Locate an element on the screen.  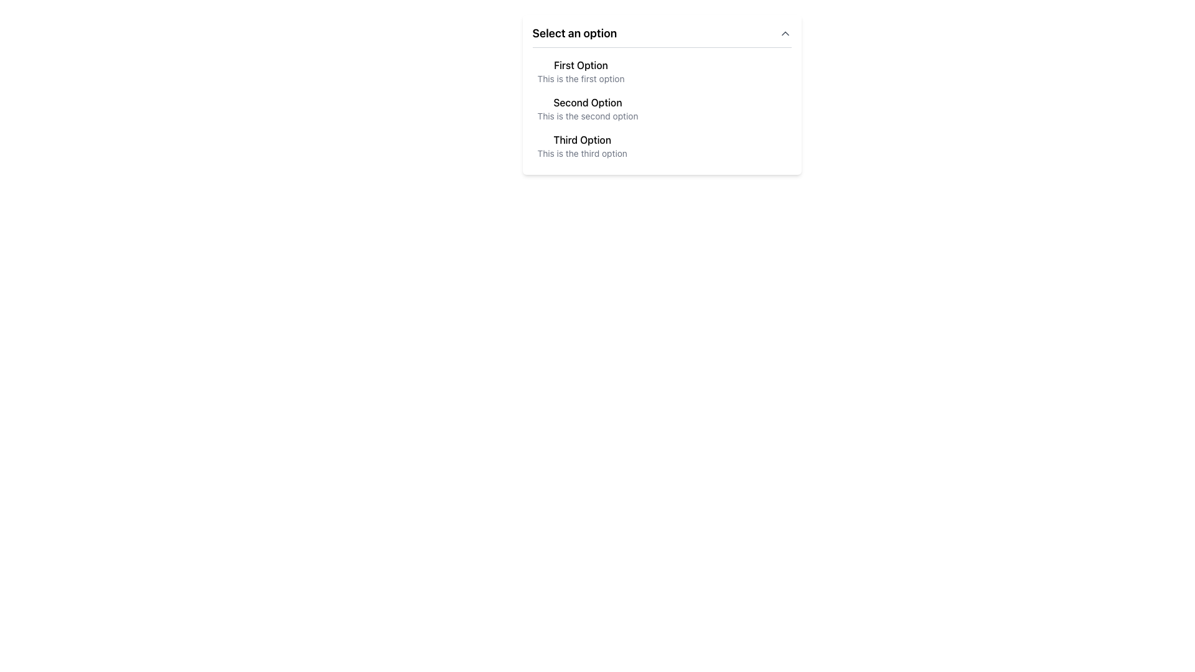
the text label that reads 'This is the second option', which is styled in a smaller gray font and located directly below the 'Second Option' heading is located at coordinates (587, 116).